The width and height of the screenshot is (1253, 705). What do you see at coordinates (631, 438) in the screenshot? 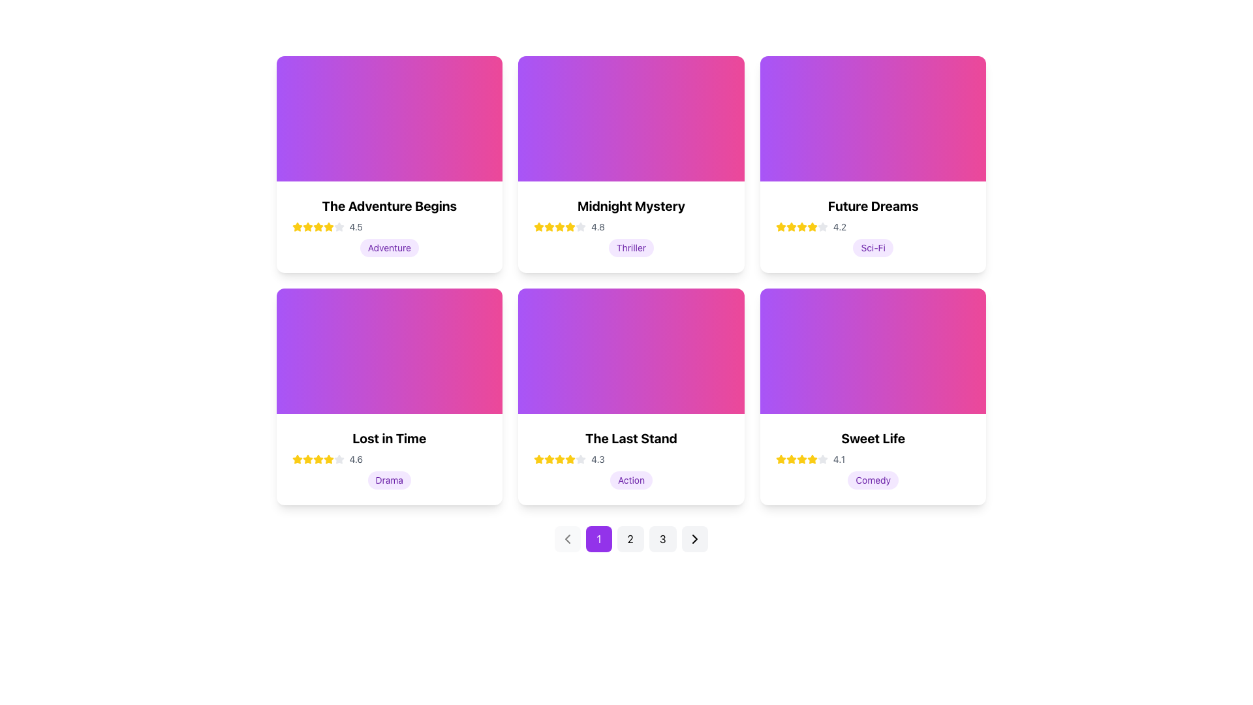
I see `text 'The Last Stand' displayed in the card layout, which is located in the bottom row, second column of the grid layout, above the rating stars and category label 'Action'` at bounding box center [631, 438].